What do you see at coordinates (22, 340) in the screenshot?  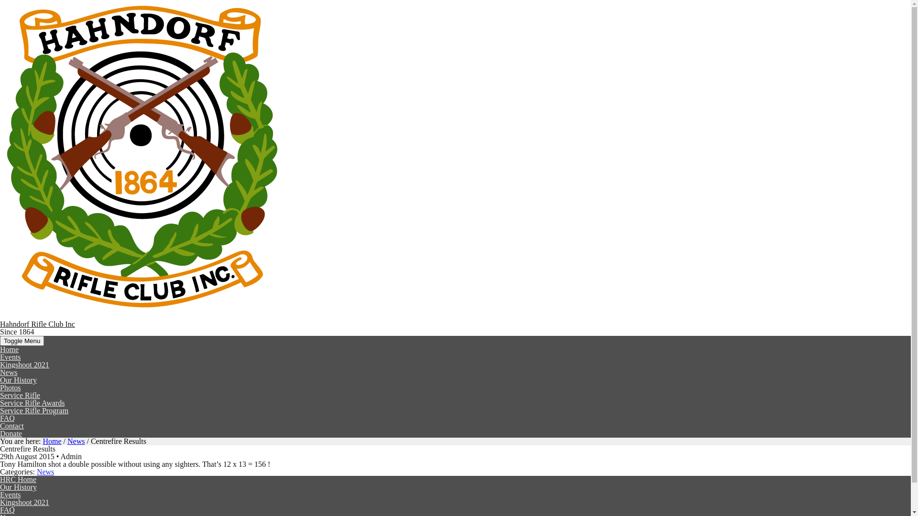 I see `'Toggle Menu'` at bounding box center [22, 340].